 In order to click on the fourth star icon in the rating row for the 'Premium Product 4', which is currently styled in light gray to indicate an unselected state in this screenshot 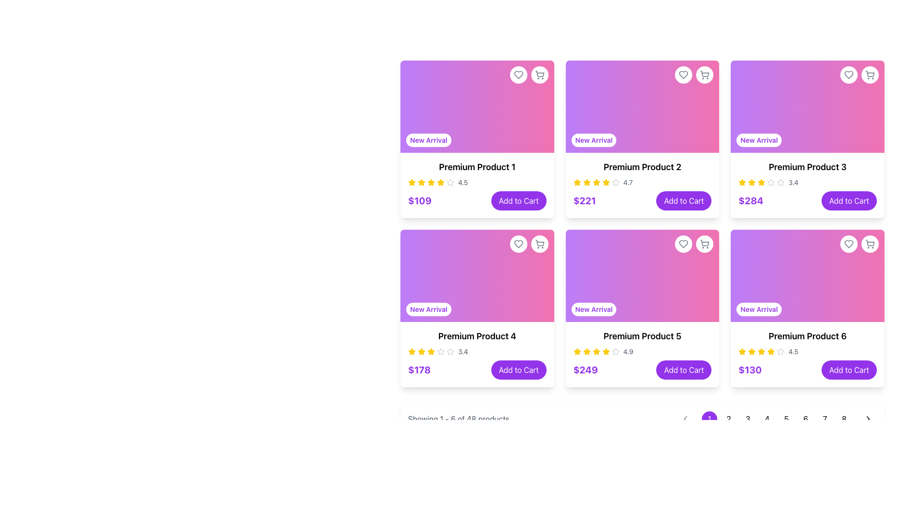, I will do `click(449, 351)`.